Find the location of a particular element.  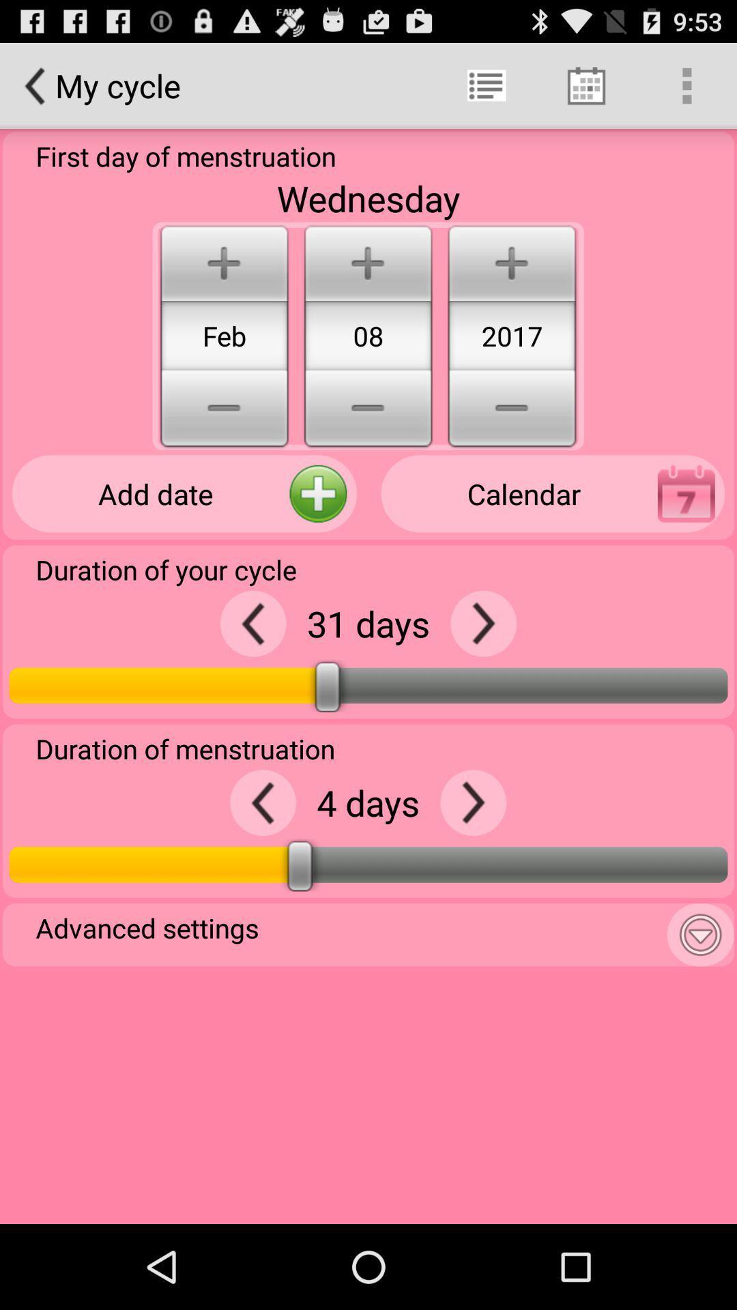

lower the cycle days is located at coordinates (253, 623).